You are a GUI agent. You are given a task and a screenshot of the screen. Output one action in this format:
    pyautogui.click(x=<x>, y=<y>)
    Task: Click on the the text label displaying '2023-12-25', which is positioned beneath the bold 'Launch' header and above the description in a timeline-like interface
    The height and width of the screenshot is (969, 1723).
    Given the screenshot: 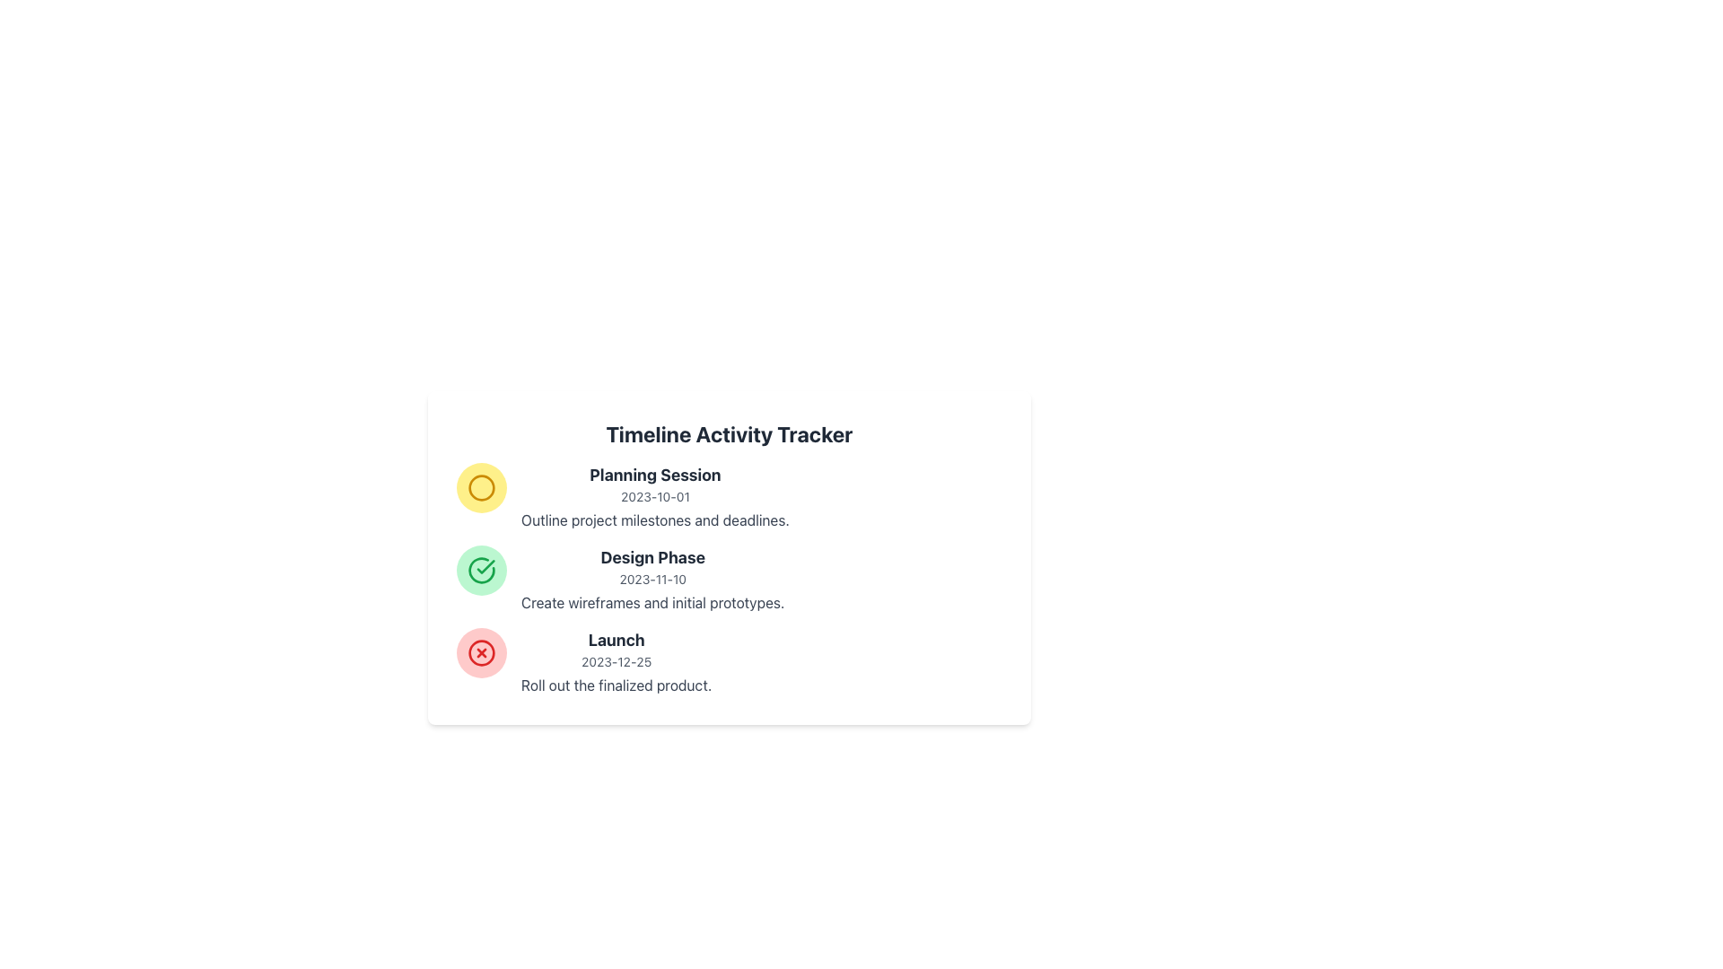 What is the action you would take?
    pyautogui.click(x=617, y=661)
    